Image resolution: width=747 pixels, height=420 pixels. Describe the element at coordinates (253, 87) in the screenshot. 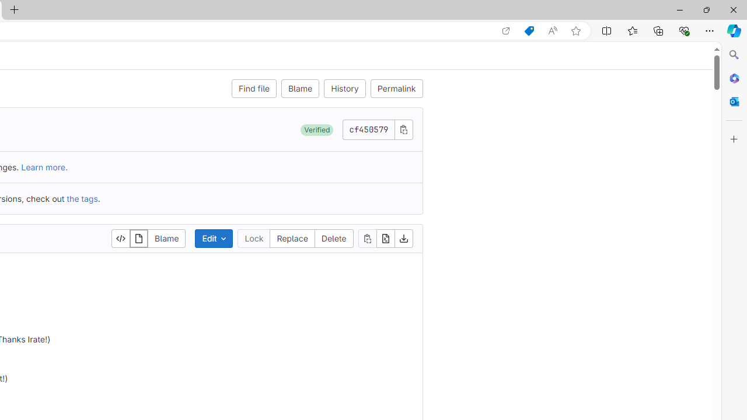

I see `'Find file'` at that location.